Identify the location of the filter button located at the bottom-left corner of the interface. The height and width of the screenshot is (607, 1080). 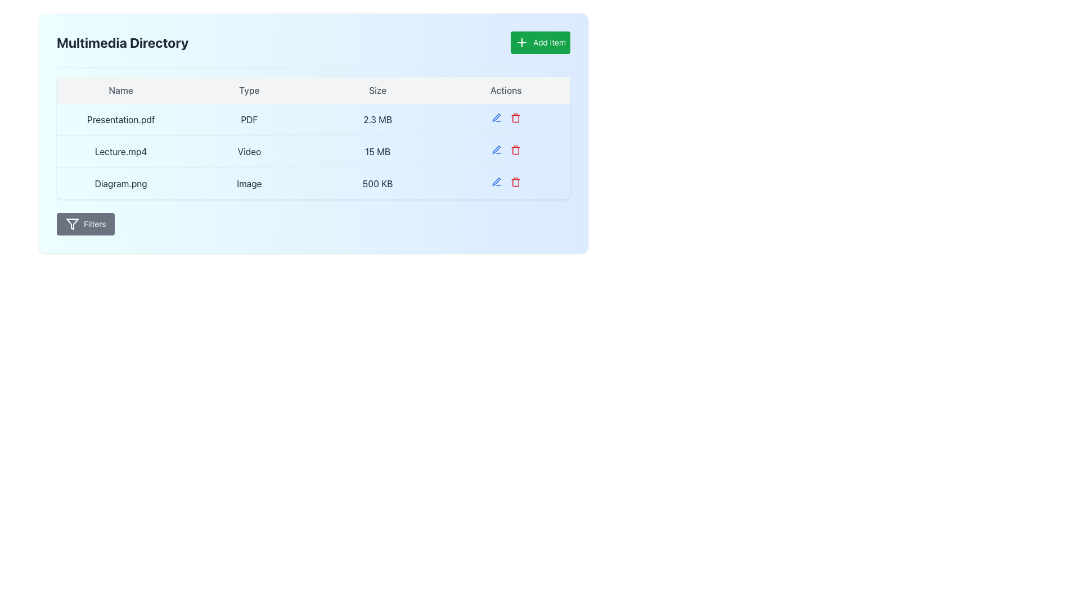
(85, 224).